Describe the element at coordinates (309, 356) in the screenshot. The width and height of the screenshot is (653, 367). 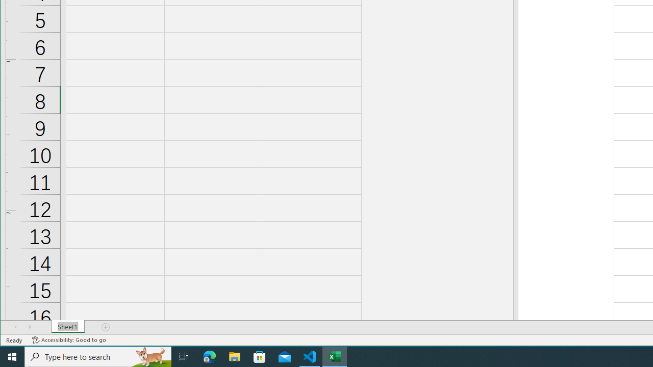
I see `'Visual Studio Code - 1 running window'` at that location.